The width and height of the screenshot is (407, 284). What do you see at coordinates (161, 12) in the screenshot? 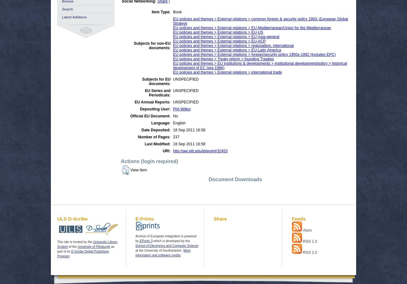
I see `'Item Type:'` at bounding box center [161, 12].